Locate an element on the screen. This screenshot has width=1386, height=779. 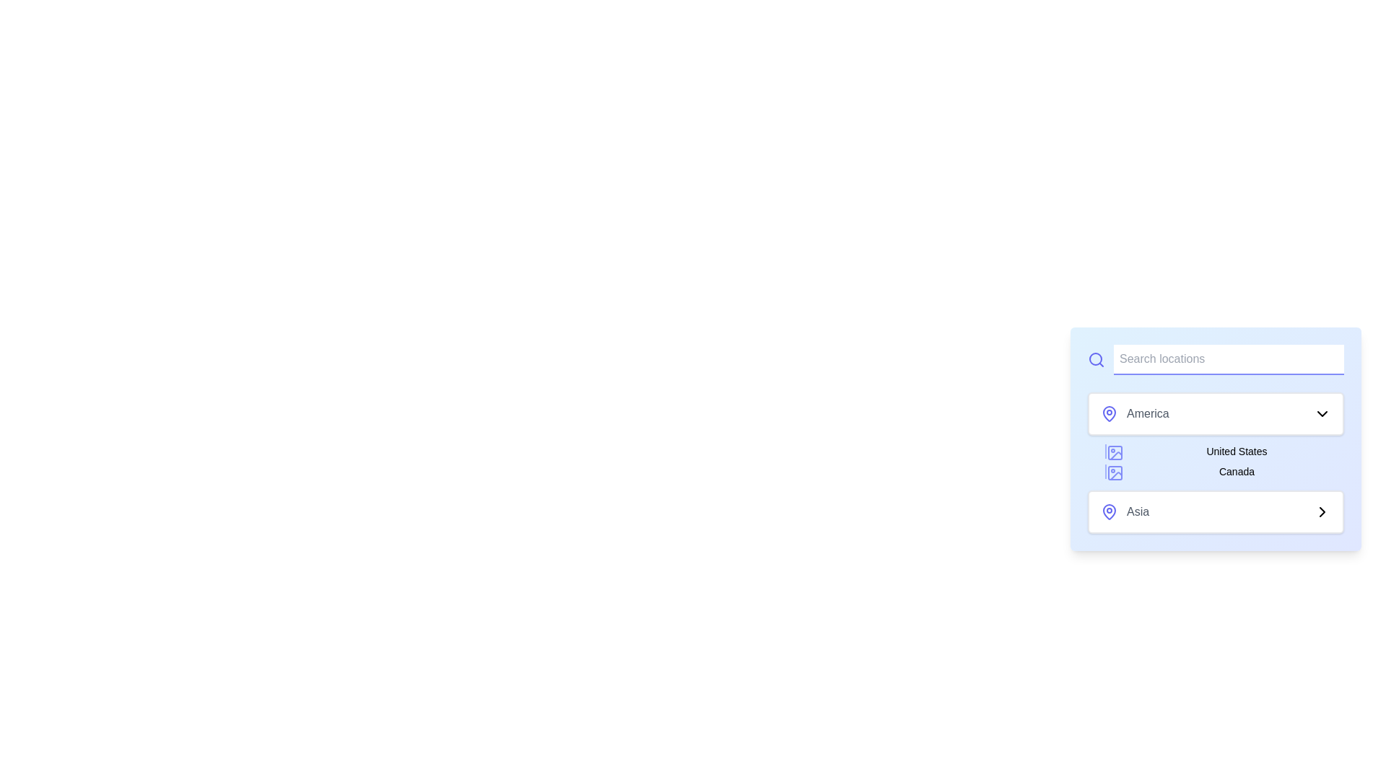
the label displaying the text 'Asia' which is styled in gray color and positioned below the 'America' option in the dropdown-like menu is located at coordinates (1137, 511).